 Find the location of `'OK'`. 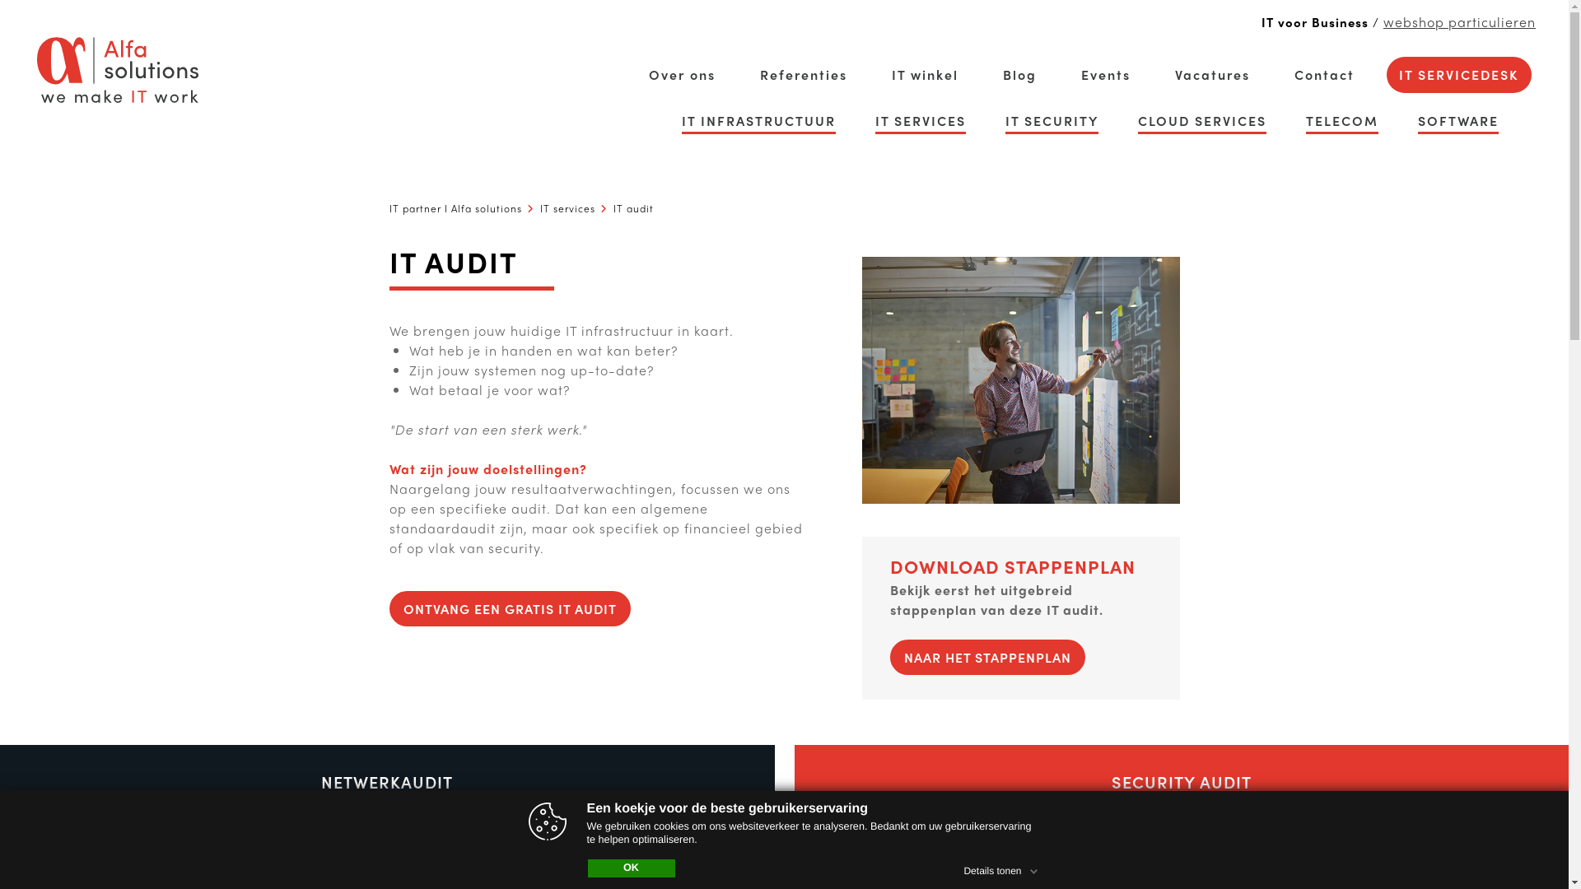

'OK' is located at coordinates (631, 868).